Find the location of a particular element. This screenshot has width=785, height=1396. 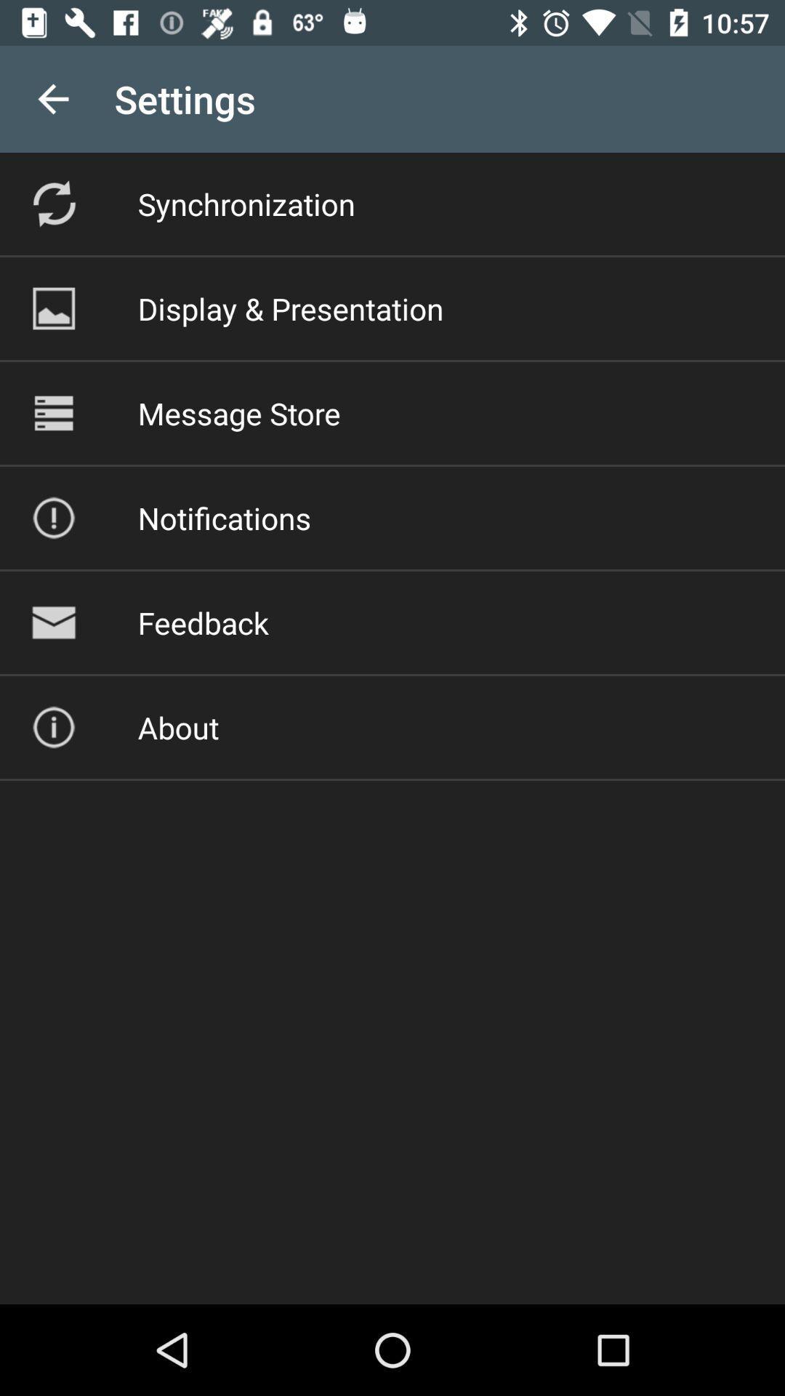

the item below the notifications is located at coordinates (203, 622).